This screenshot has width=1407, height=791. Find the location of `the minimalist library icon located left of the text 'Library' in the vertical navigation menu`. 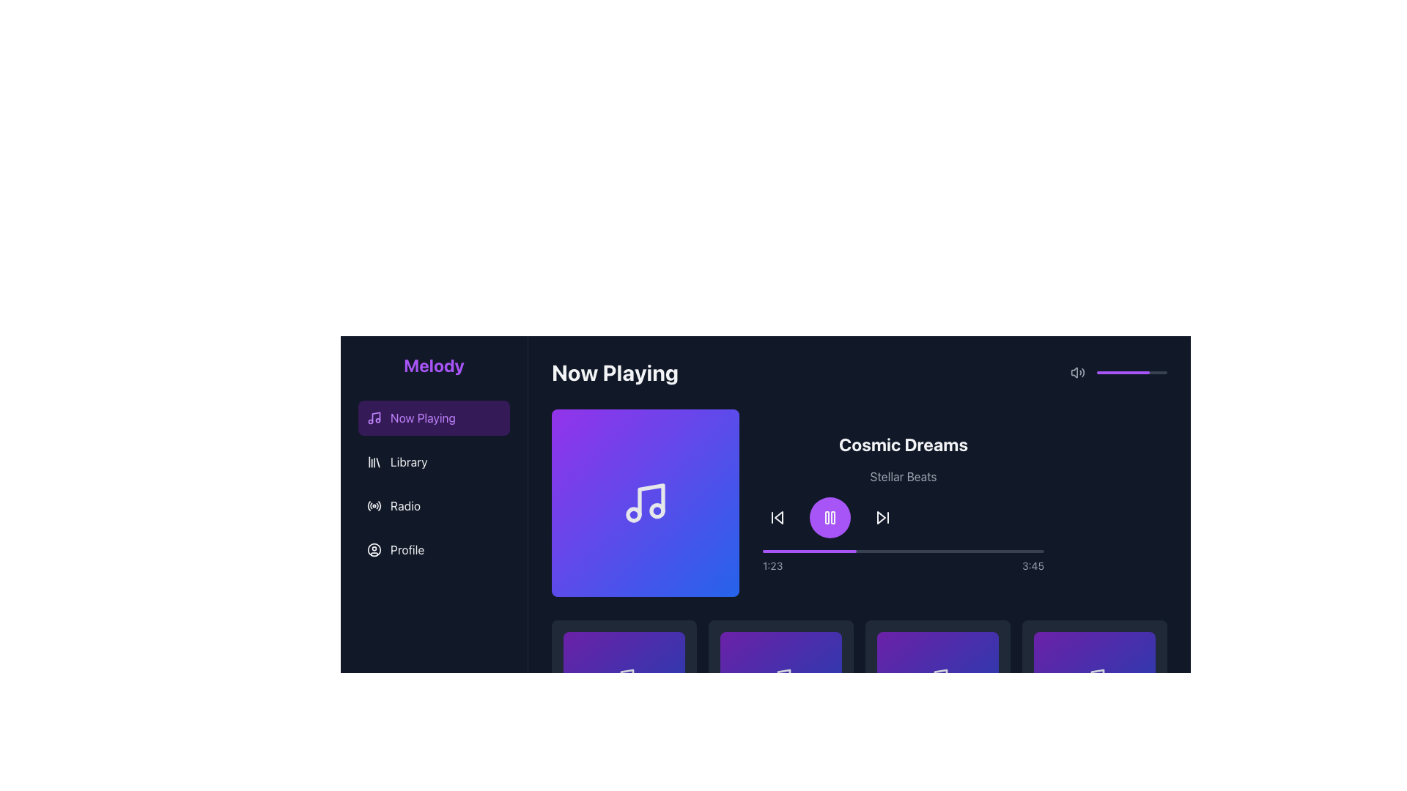

the minimalist library icon located left of the text 'Library' in the vertical navigation menu is located at coordinates (374, 462).